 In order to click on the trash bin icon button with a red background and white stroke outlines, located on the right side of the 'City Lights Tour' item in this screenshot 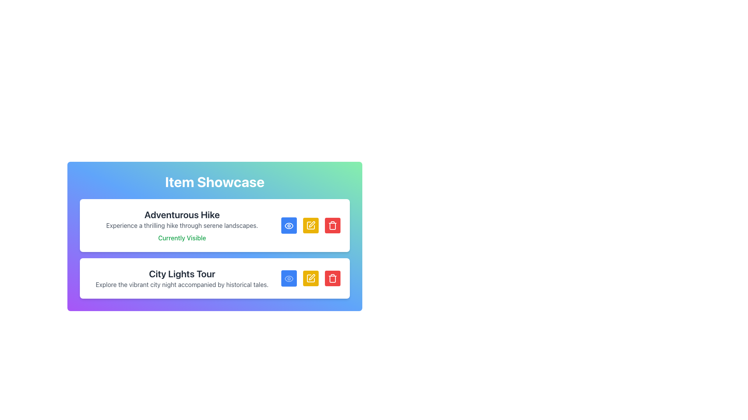, I will do `click(333, 225)`.